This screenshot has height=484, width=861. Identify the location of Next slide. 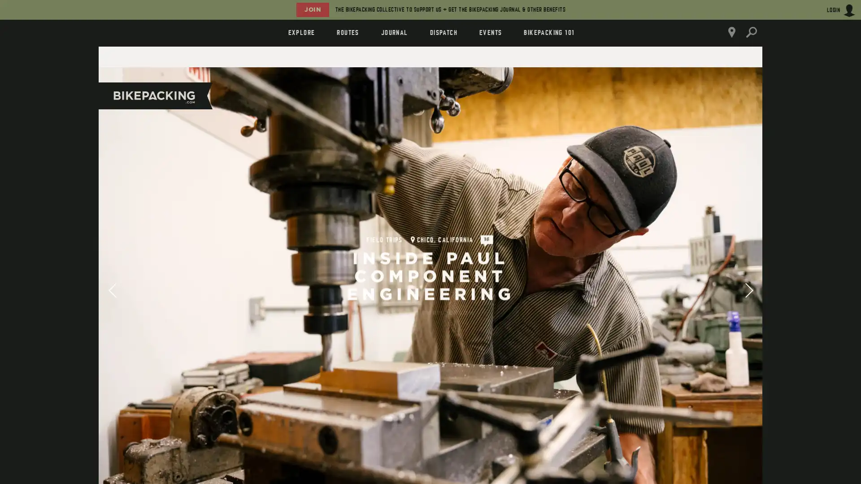
(749, 289).